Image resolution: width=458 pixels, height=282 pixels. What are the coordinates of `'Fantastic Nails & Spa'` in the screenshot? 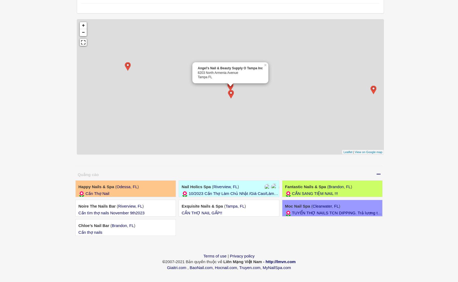 It's located at (305, 186).